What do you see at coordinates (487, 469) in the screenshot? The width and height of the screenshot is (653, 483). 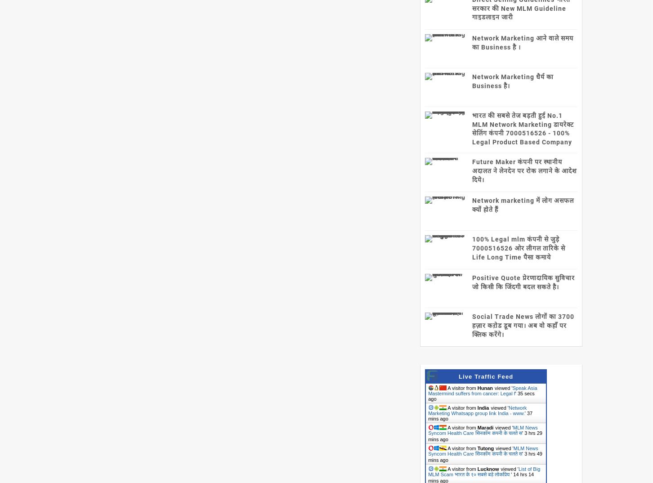 I see `'Lucknow'` at bounding box center [487, 469].